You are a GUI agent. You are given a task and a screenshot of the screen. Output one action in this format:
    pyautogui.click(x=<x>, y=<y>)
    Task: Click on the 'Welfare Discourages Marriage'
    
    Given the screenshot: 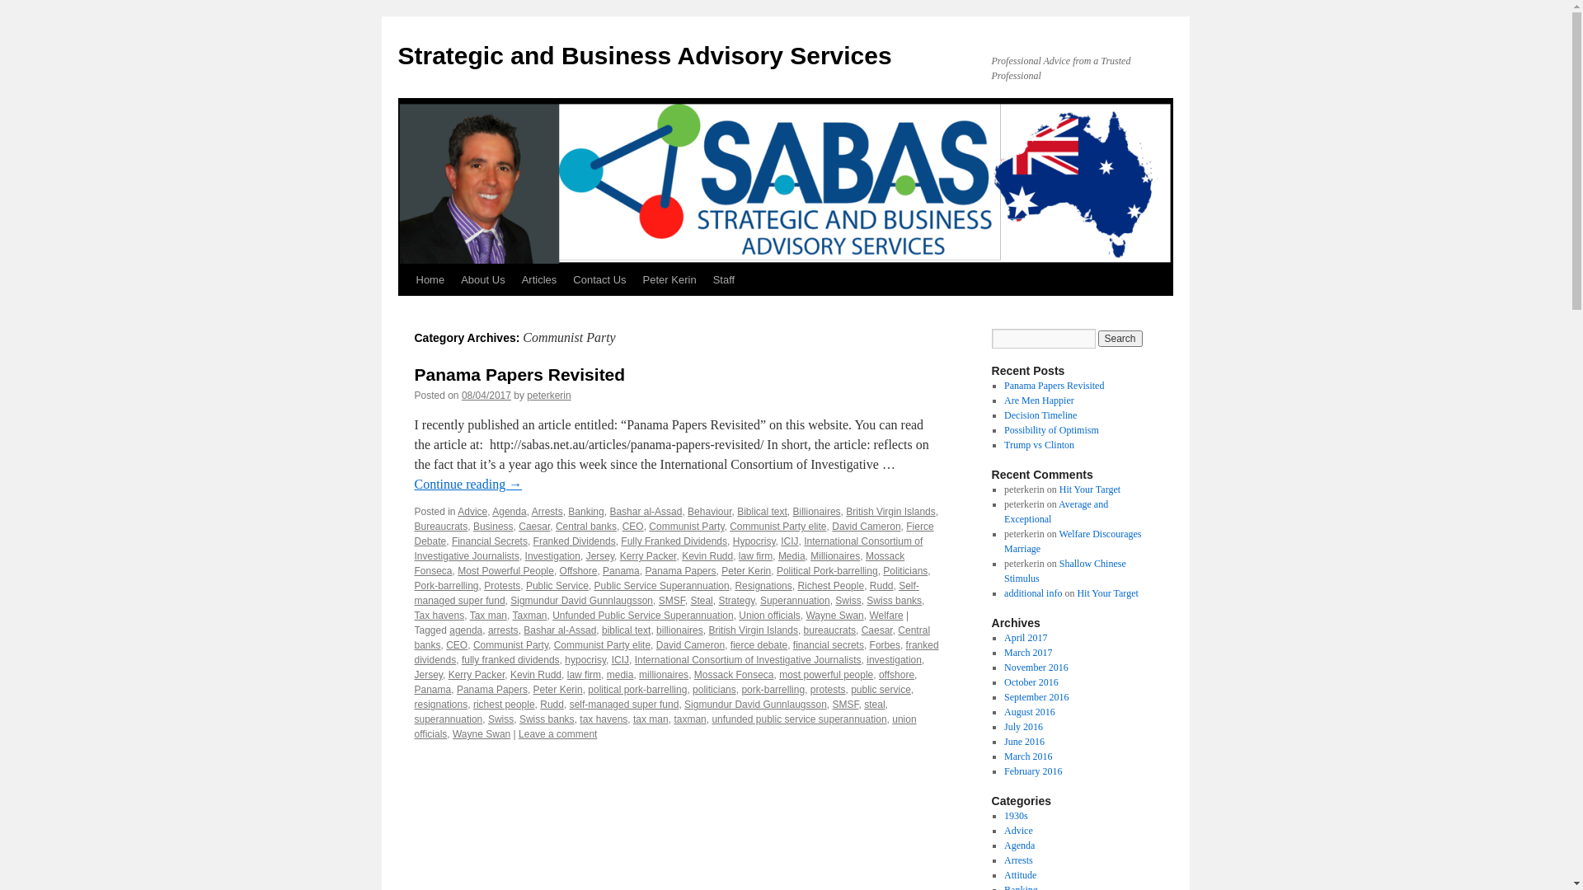 What is the action you would take?
    pyautogui.click(x=1072, y=541)
    